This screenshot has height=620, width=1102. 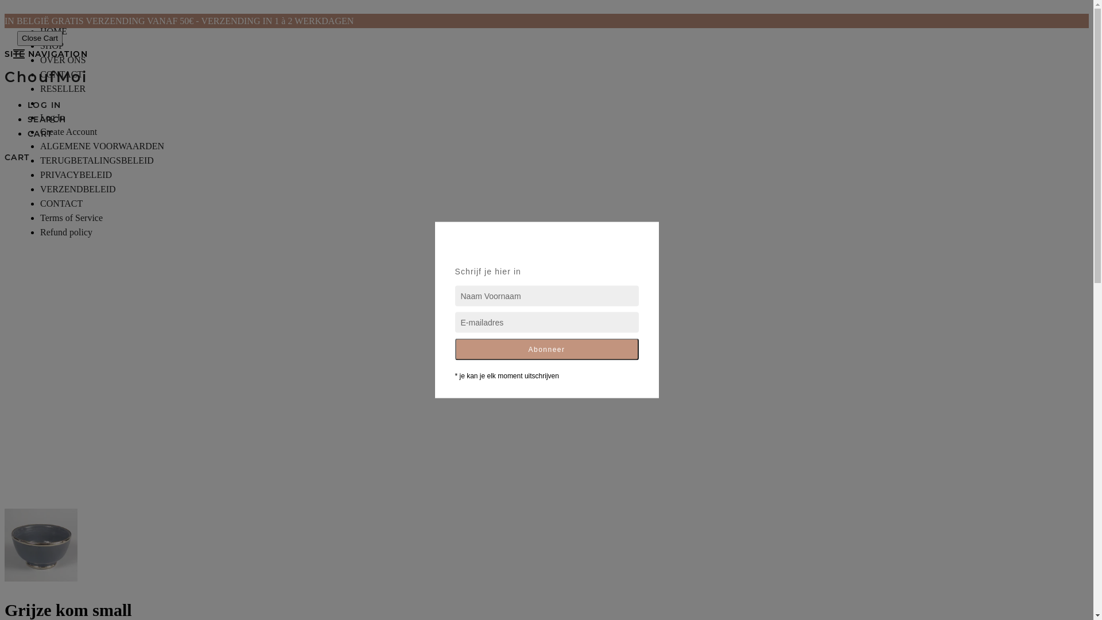 I want to click on 'LOG IN', so click(x=28, y=104).